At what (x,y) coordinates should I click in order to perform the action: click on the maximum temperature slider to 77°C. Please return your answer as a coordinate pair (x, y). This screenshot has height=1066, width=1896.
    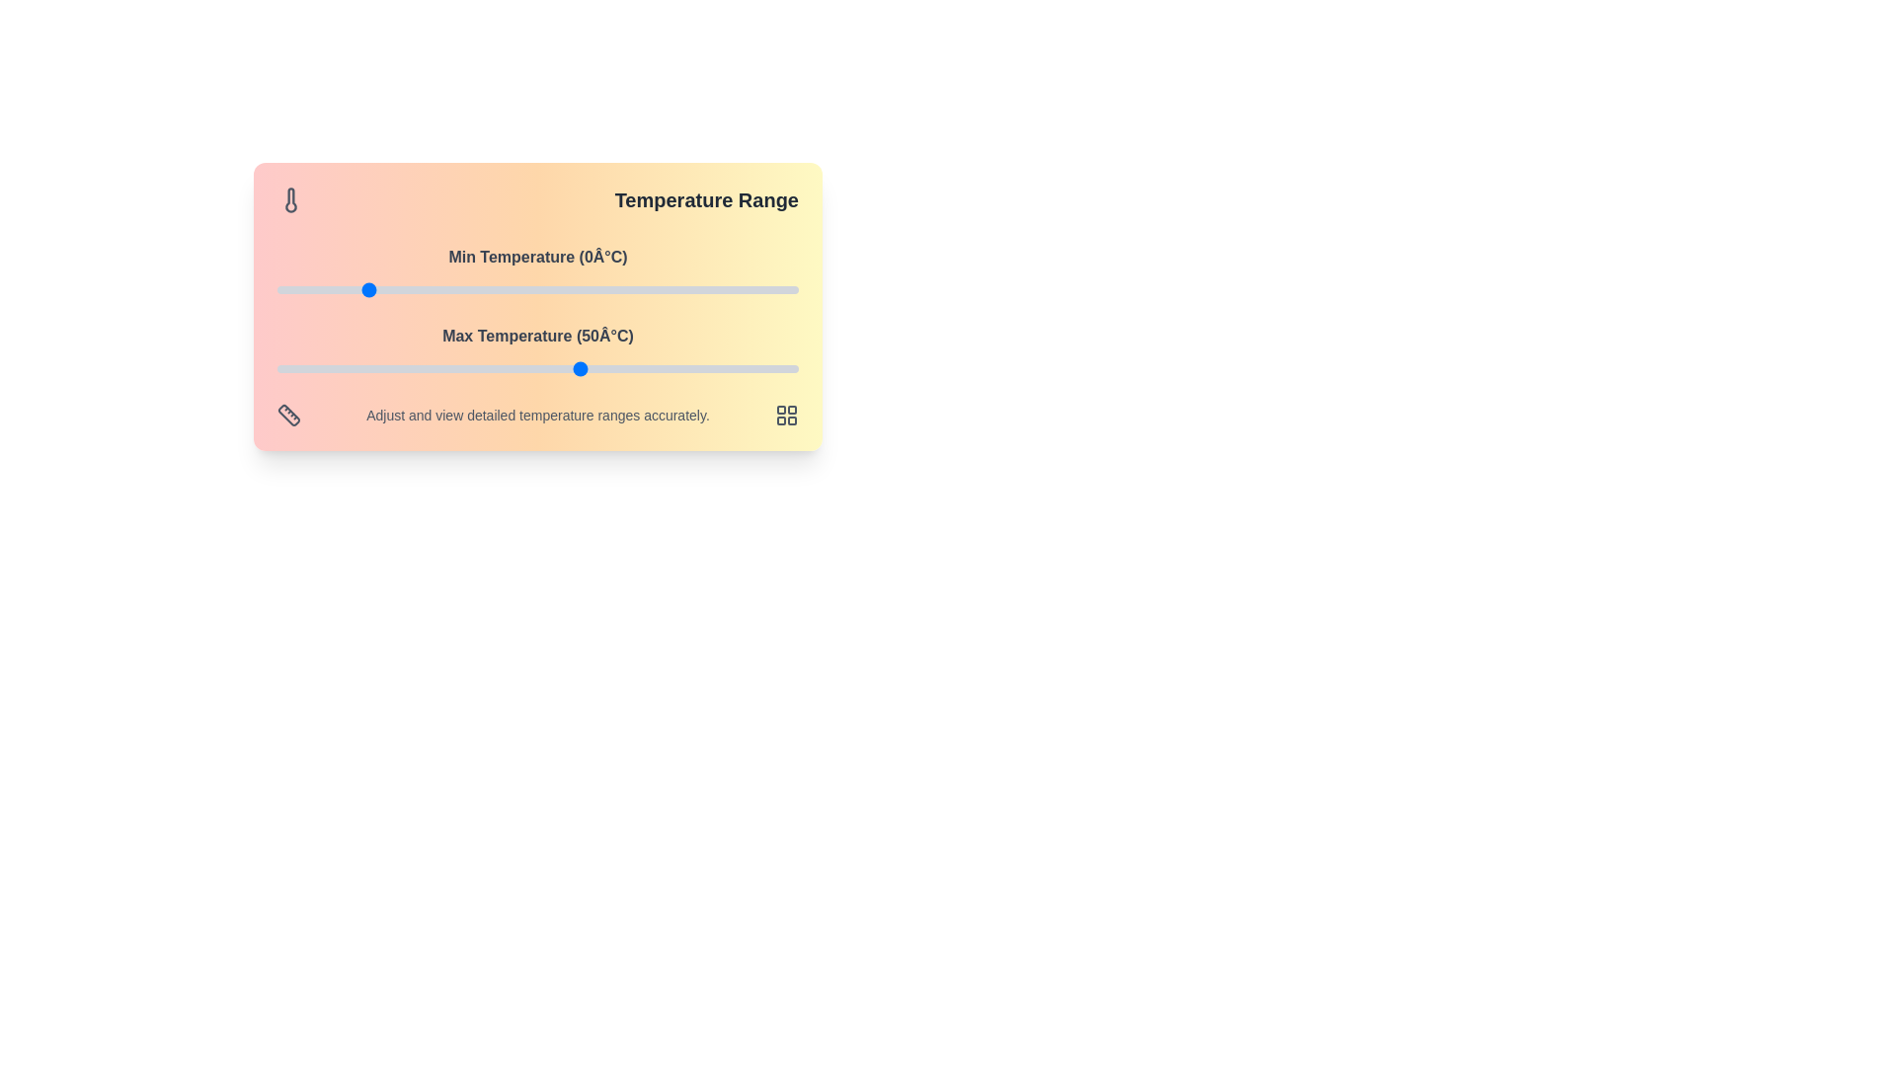
    Looking at the image, I should click on (698, 369).